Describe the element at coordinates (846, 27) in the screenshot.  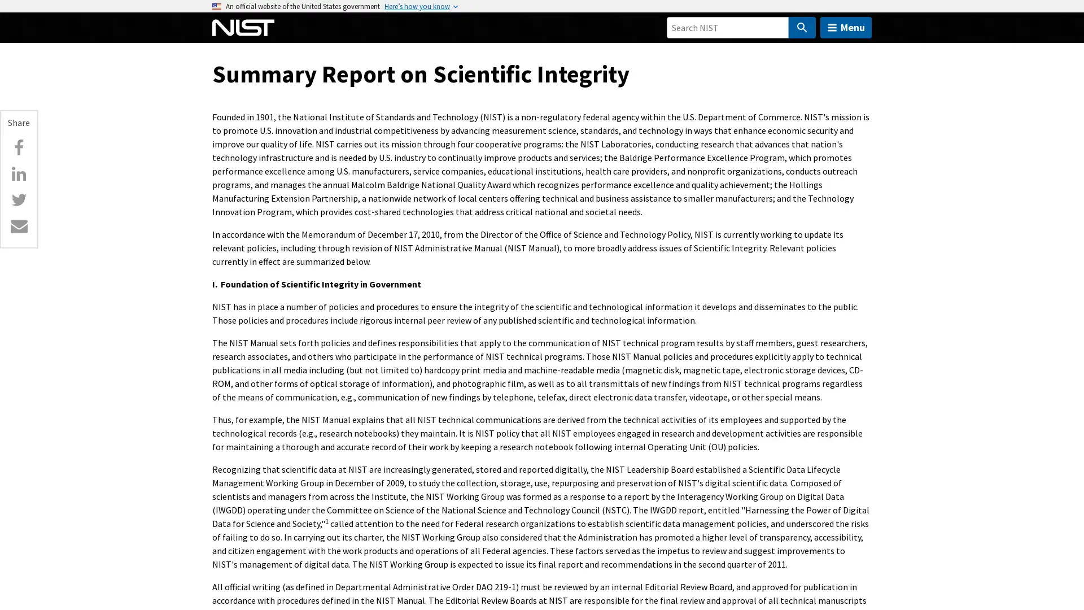
I see `Menu` at that location.